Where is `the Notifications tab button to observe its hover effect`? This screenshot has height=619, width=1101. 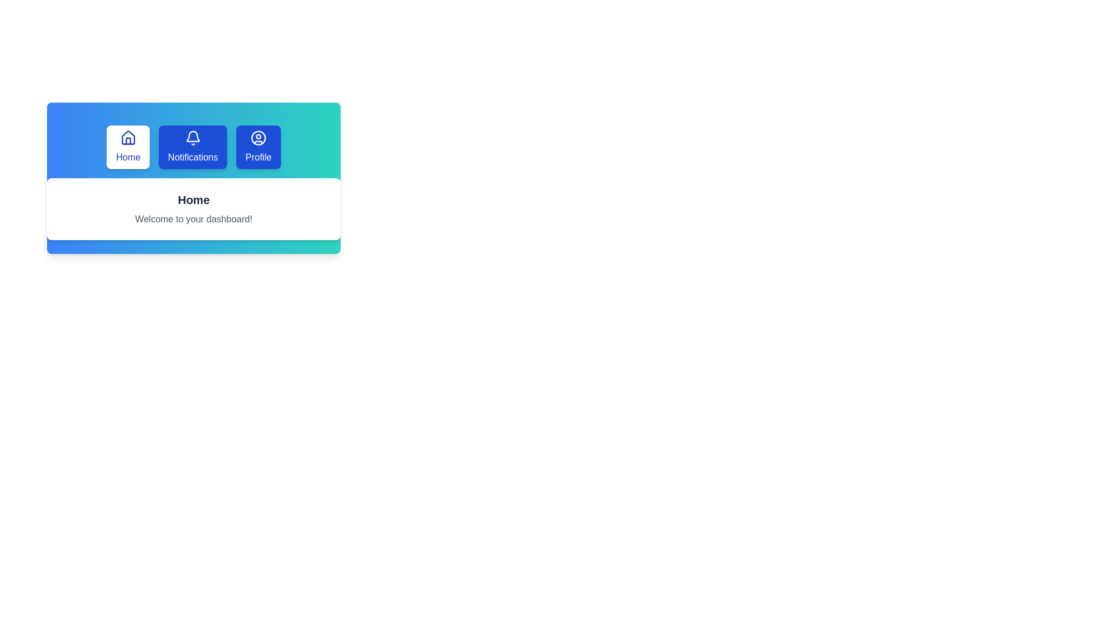
the Notifications tab button to observe its hover effect is located at coordinates (193, 147).